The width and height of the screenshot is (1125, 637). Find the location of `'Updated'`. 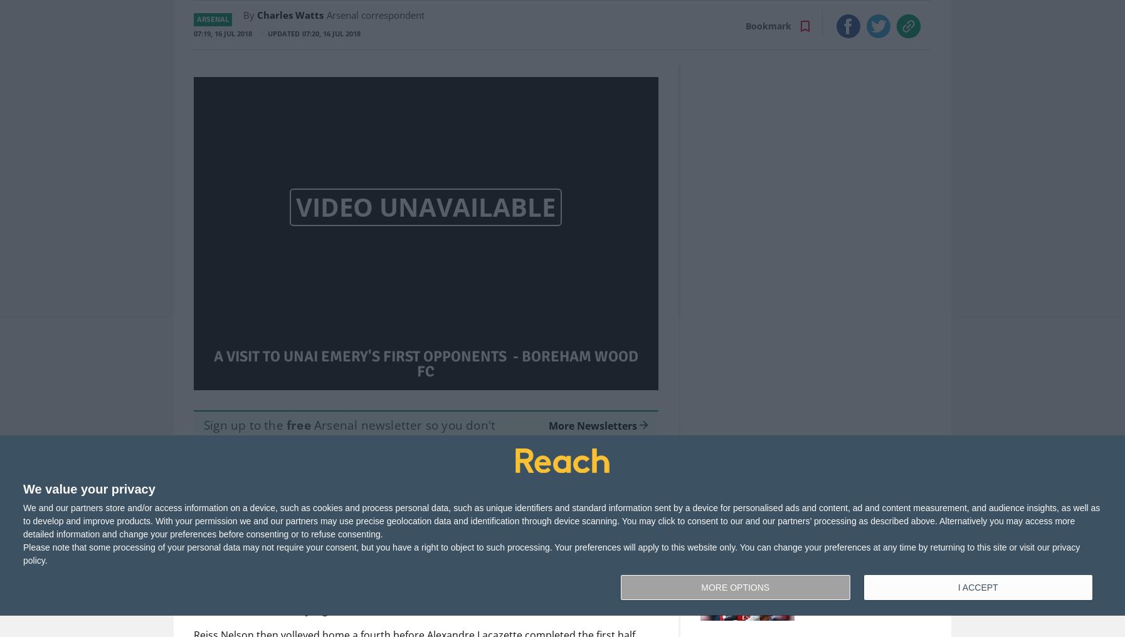

'Updated' is located at coordinates (283, 32).